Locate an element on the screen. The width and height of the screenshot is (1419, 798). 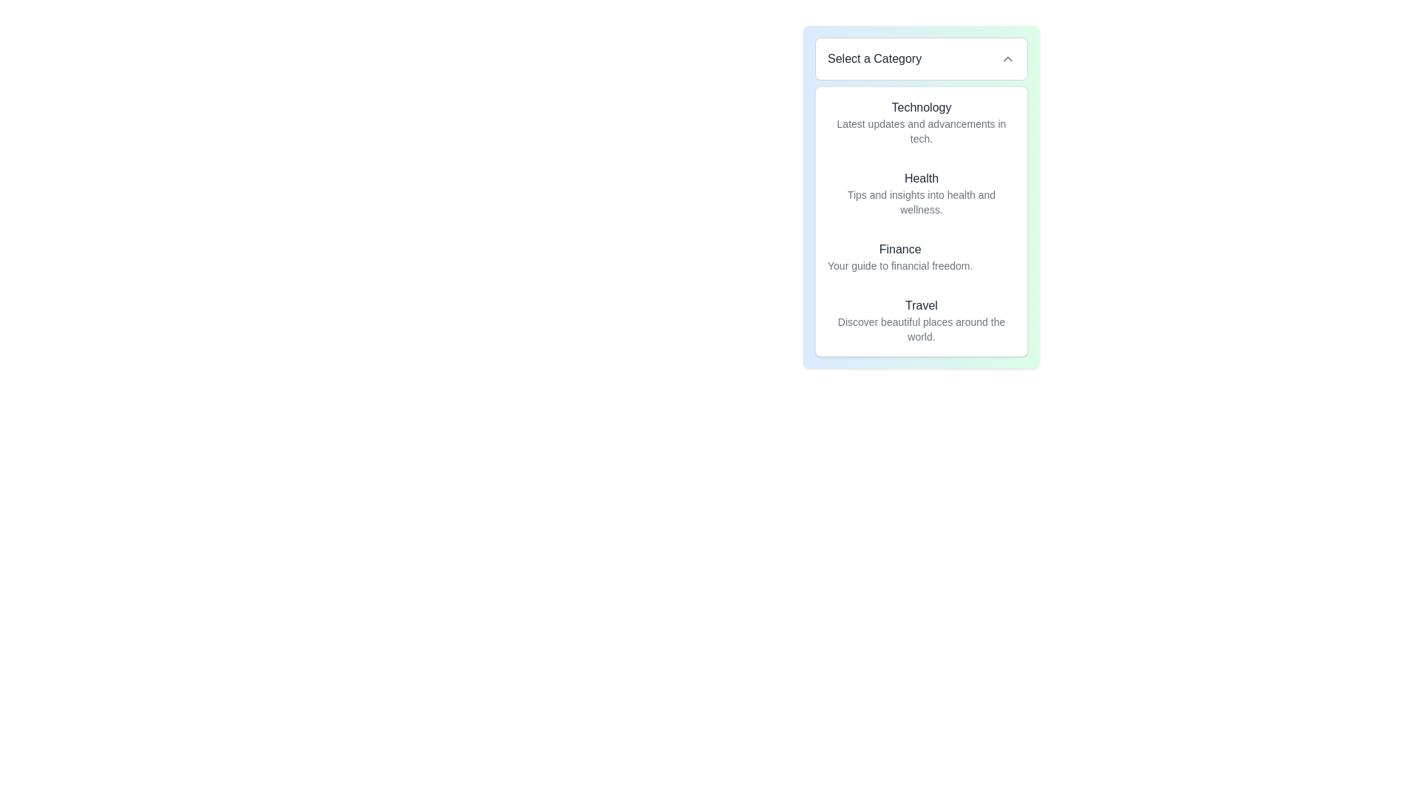
the fourth text label in the category list under 'Select a Category', which is positioned above the description 'Discover beautiful places around the world' is located at coordinates (921, 304).